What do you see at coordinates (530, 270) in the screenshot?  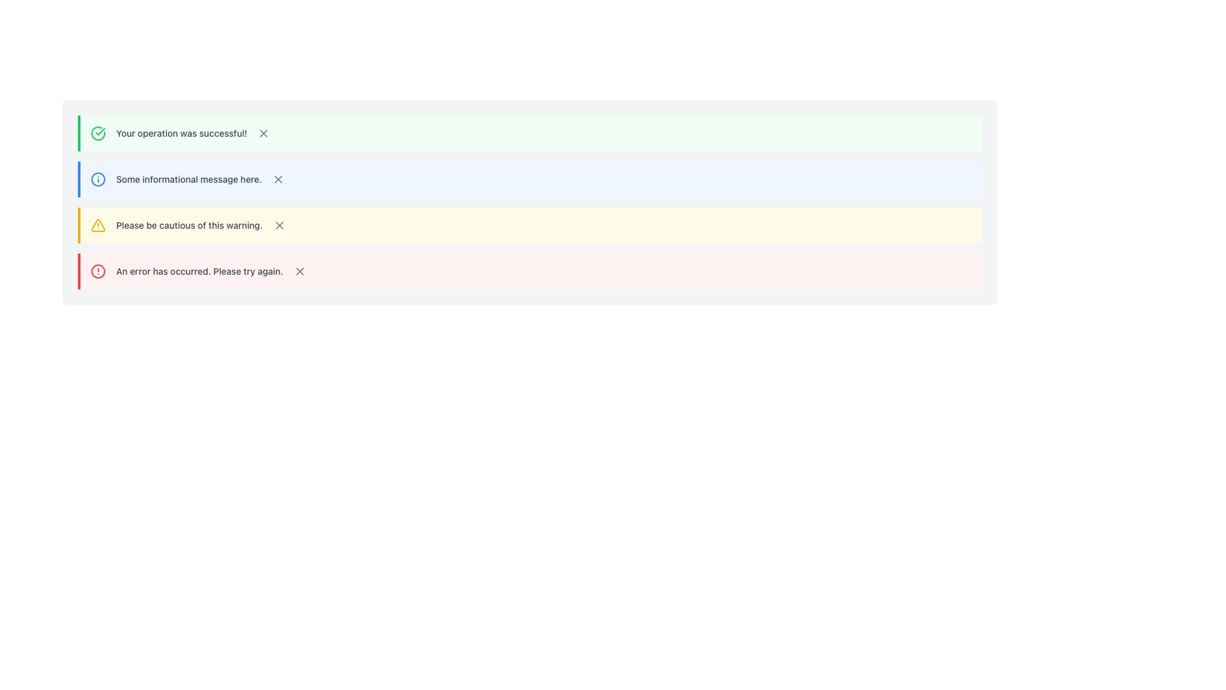 I see `notification message displayed in the fourth notification block, which has a red border and contains the text 'An error has occurred. Please try again.'` at bounding box center [530, 270].